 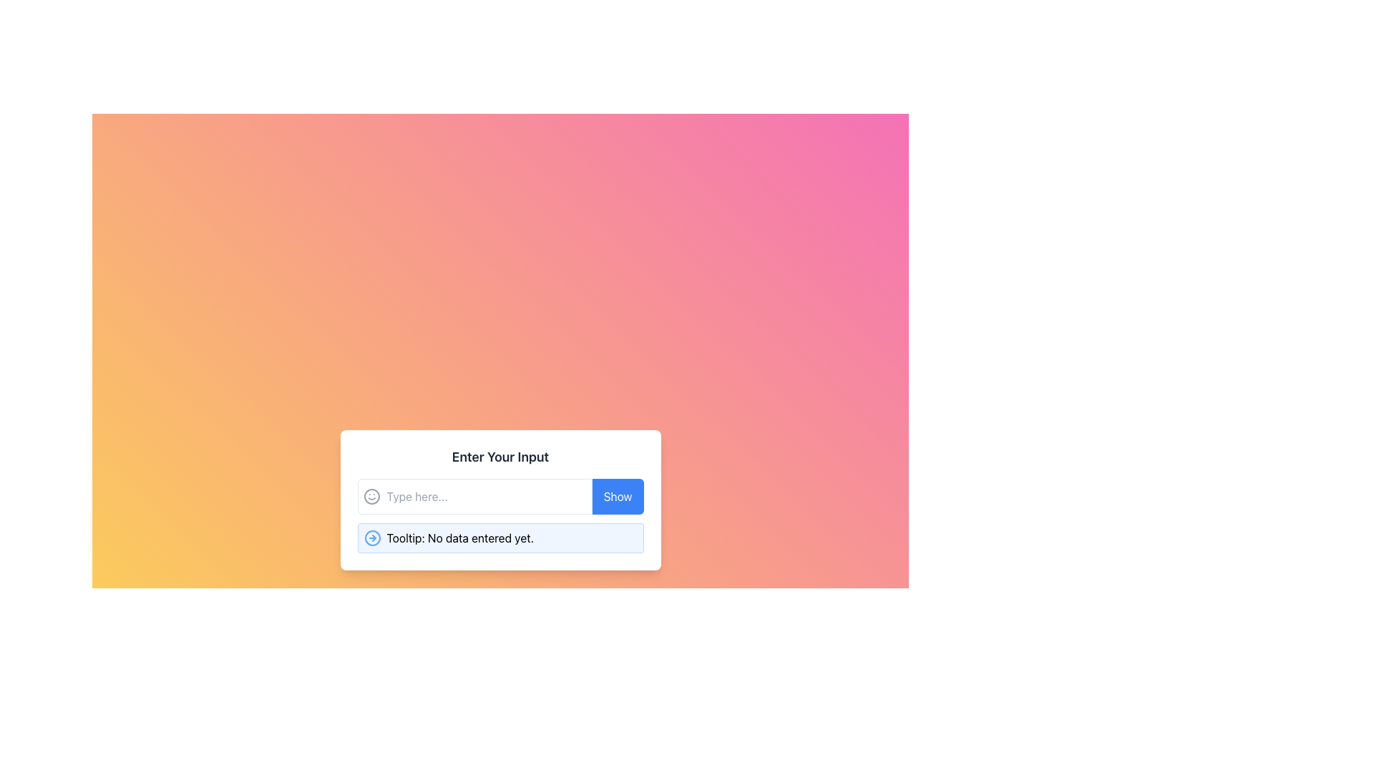 I want to click on the circular part of an arrow icon, which is styled with a blue stroke and no fill color, located below the tooltip labeled 'Tooltip: No data entered yet.', so click(x=372, y=538).